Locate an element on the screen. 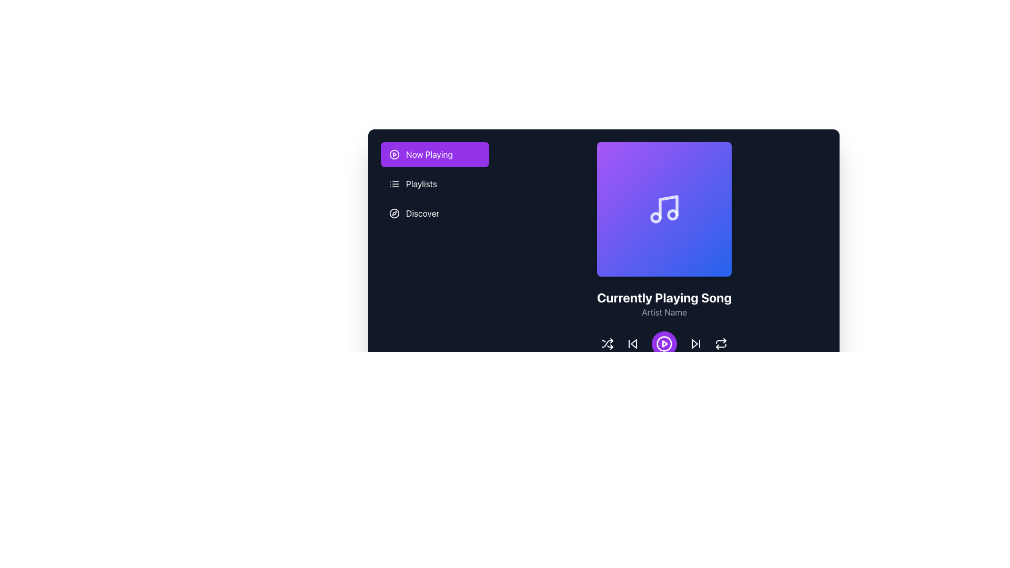  the navigation button located at the top of the vertical list is located at coordinates (435, 154).